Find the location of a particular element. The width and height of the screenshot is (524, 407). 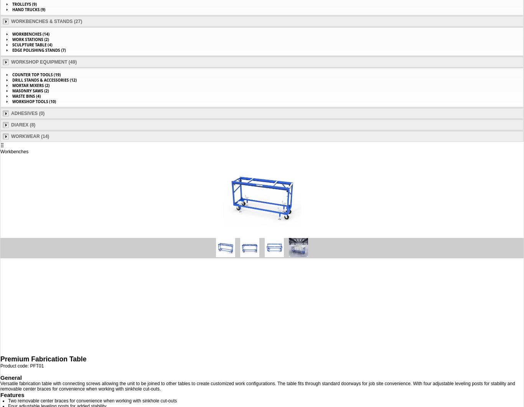

'Diarex (8)' is located at coordinates (23, 125).